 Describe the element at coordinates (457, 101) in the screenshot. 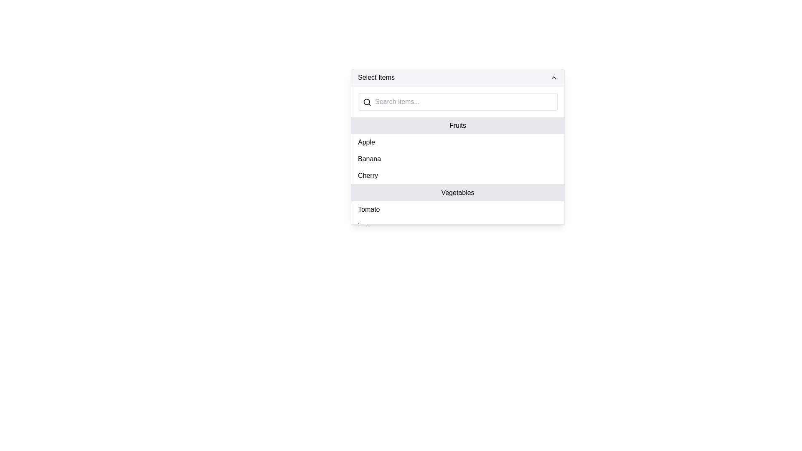

I see `the Search Input Field located at the top of the dropdown menu for viewing additional tooltips` at that location.